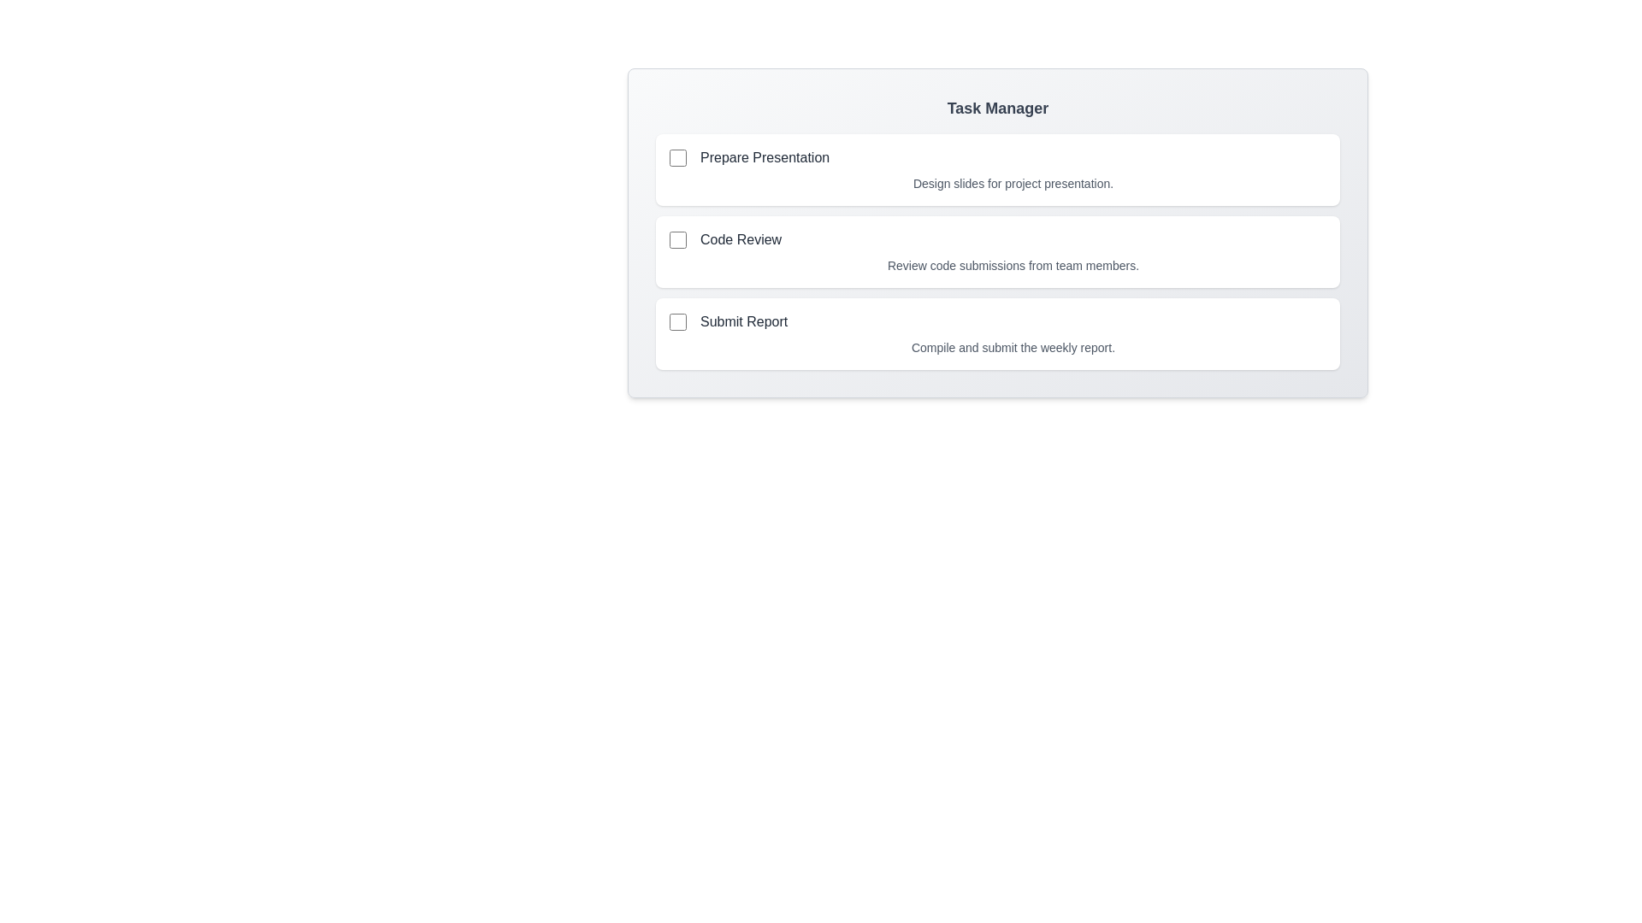 Image resolution: width=1642 pixels, height=923 pixels. Describe the element at coordinates (997, 251) in the screenshot. I see `the task card for Code Review` at that location.